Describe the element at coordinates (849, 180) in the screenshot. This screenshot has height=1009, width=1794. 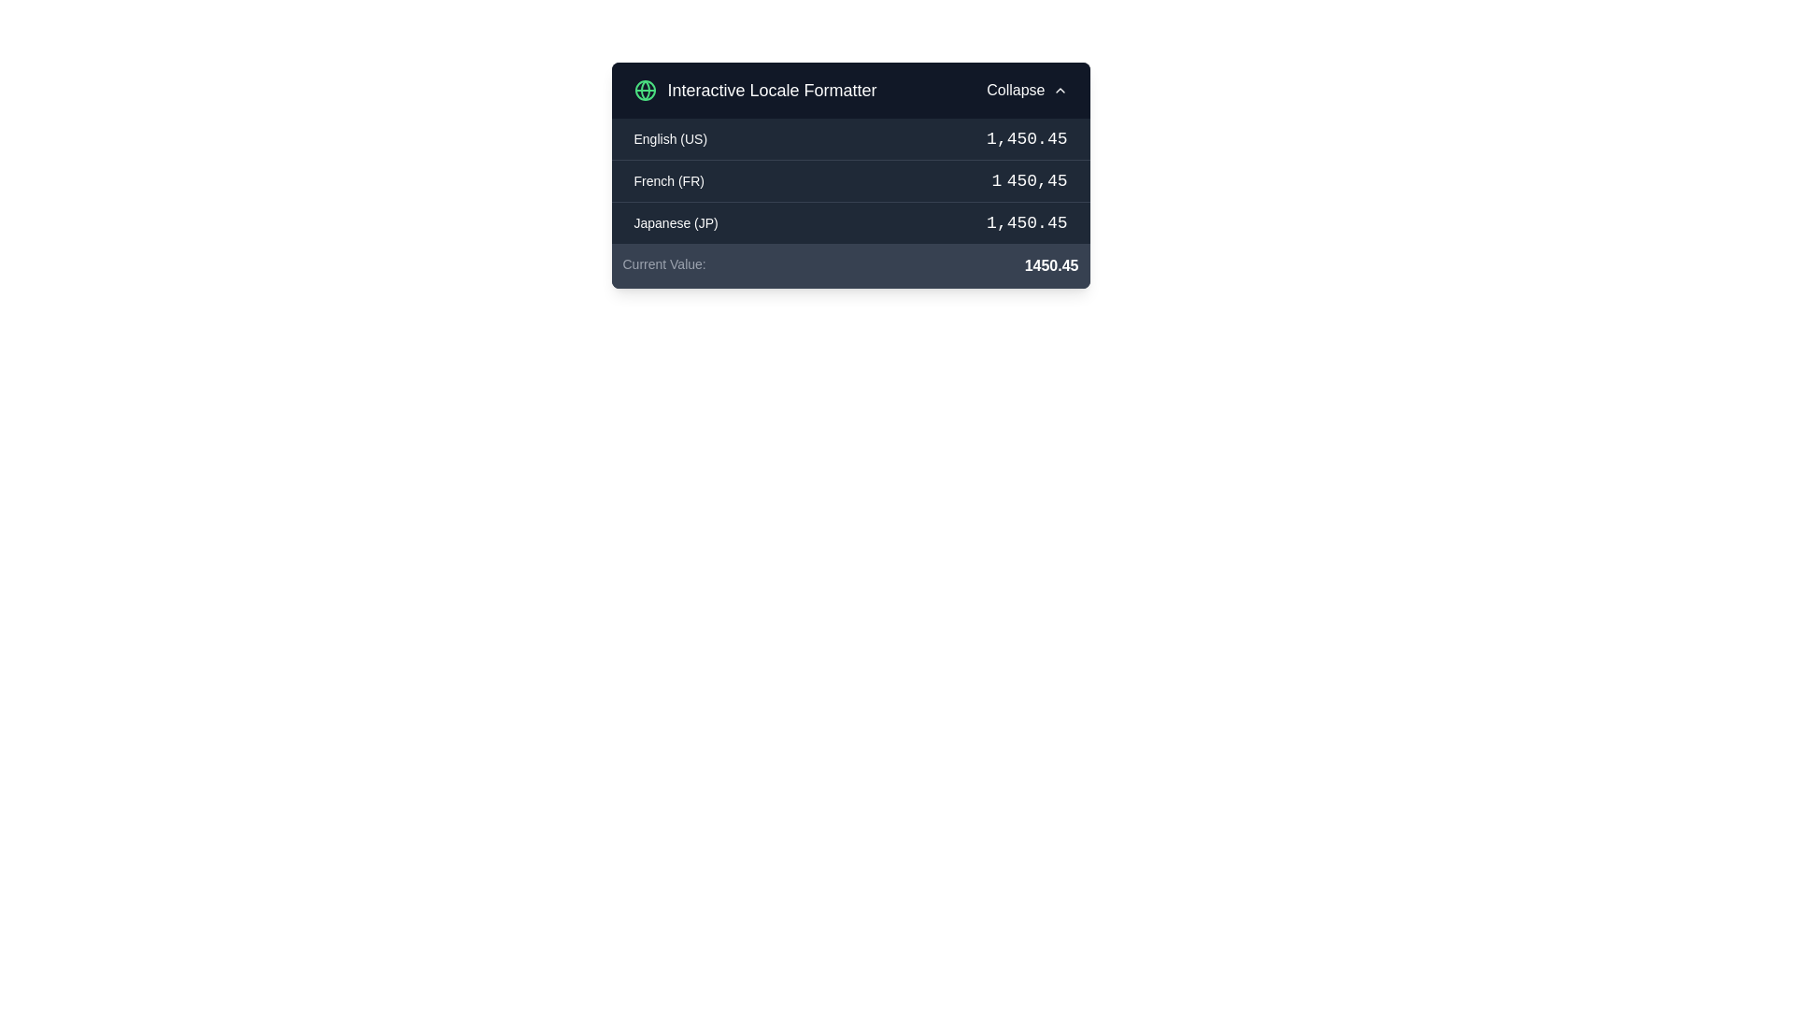
I see `the second row of the locale formatting examples within the 'Interactive Locale Formatter' card` at that location.